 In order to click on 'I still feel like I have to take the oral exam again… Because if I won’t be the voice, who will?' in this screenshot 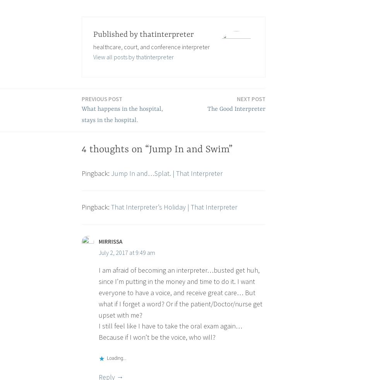, I will do `click(170, 332)`.